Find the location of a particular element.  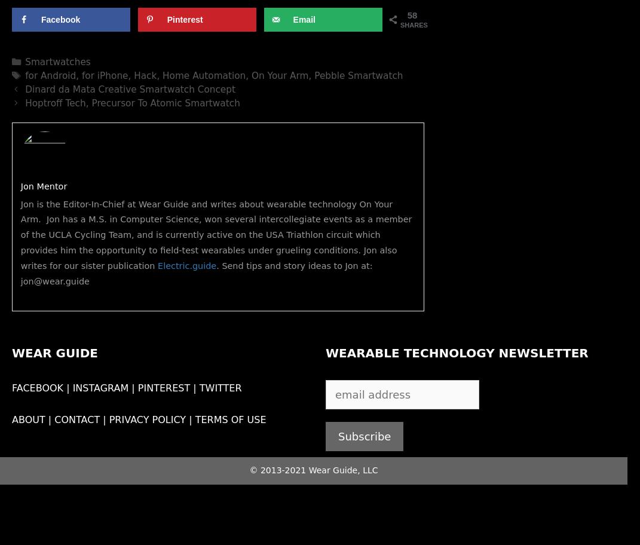

'58' is located at coordinates (411, 14).